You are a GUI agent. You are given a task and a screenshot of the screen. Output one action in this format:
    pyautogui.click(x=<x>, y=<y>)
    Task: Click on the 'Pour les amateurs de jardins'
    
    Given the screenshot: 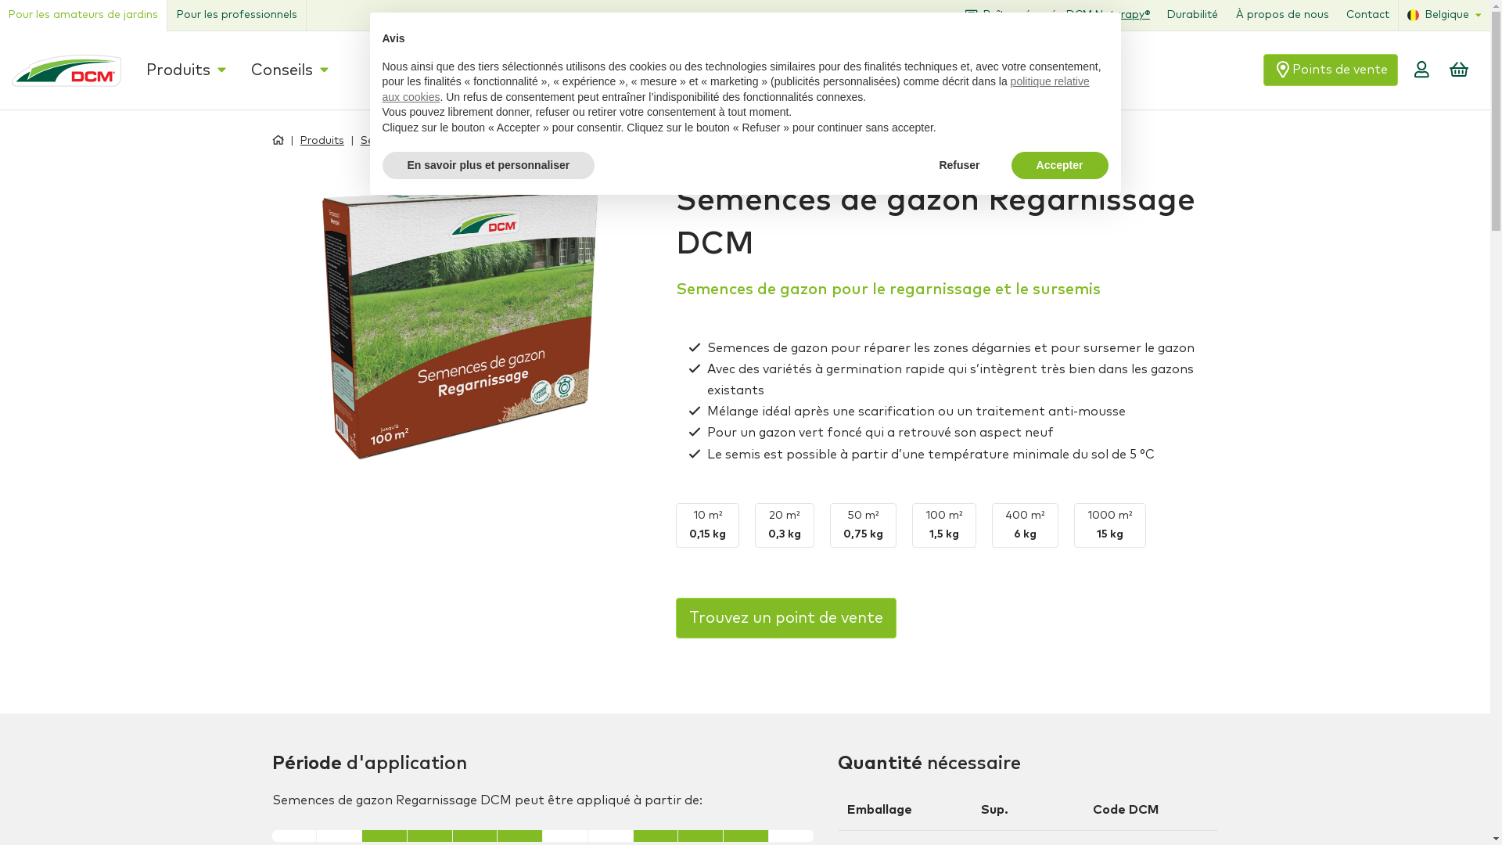 What is the action you would take?
    pyautogui.click(x=82, y=15)
    